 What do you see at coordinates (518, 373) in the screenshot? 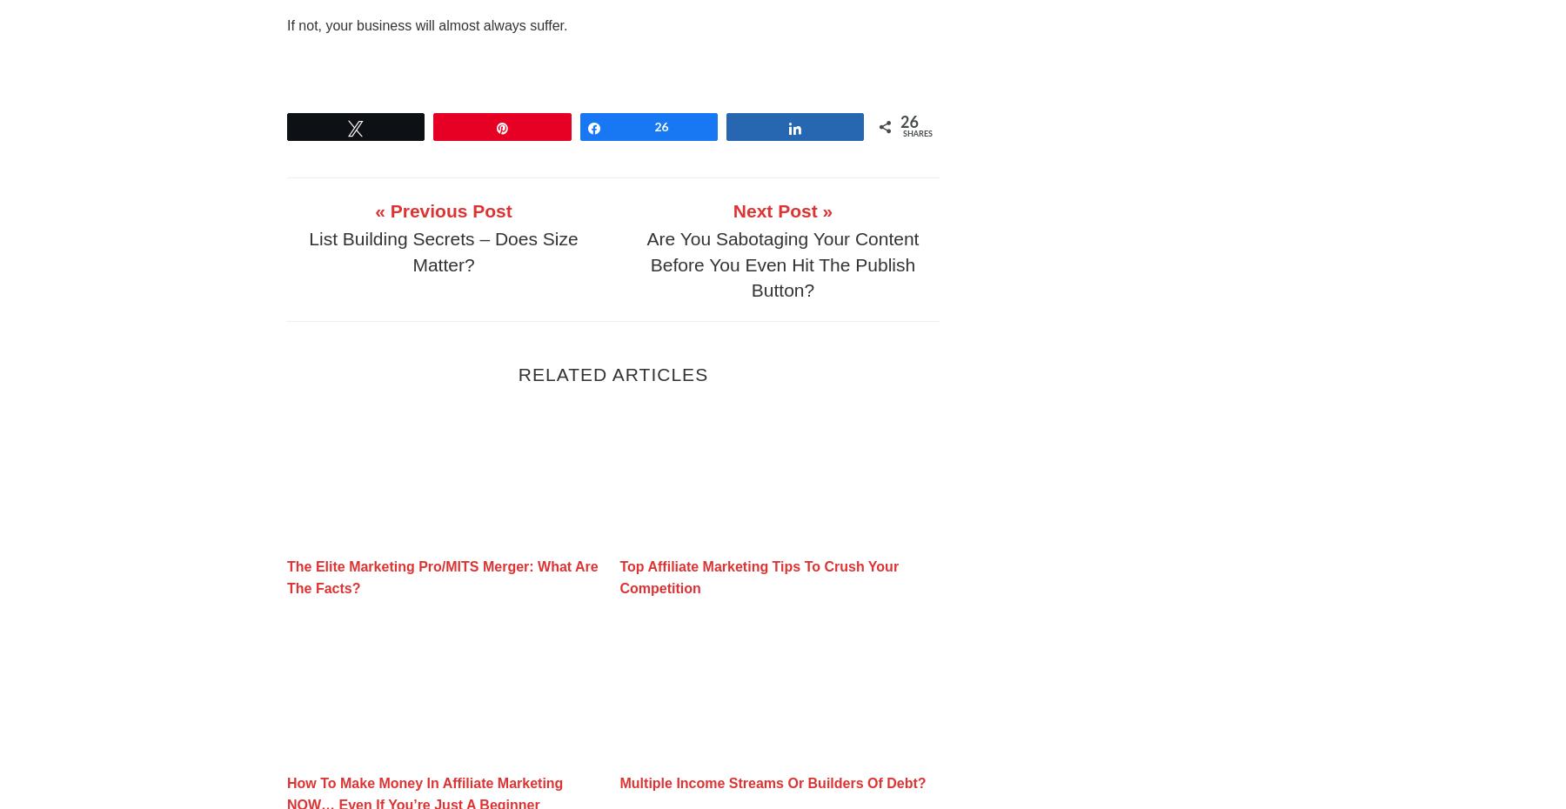
I see `'Related Articles'` at bounding box center [518, 373].